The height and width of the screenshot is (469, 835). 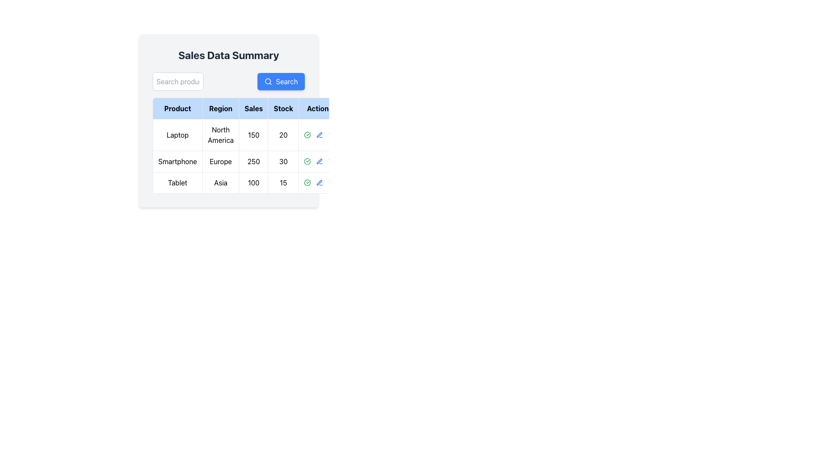 I want to click on text displayed in the Data Cell located under the 'Sales' column, in the row labeled 'Laptop' and aligned with the 'Sales' header, which shows '150', so click(x=253, y=135).